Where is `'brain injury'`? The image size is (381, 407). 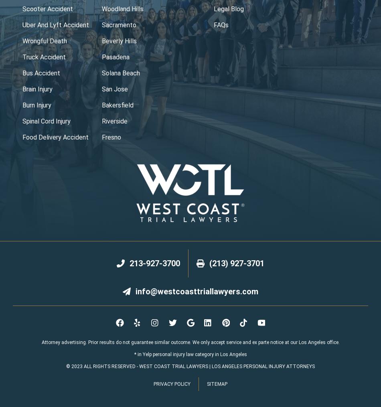
'brain injury' is located at coordinates (37, 89).